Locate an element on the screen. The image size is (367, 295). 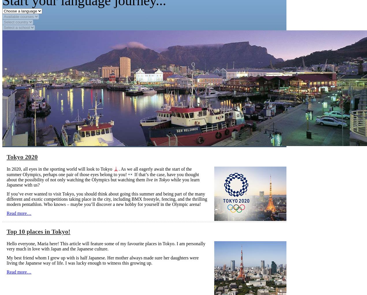
'Top 10 places in Tokyo!' is located at coordinates (38, 231).